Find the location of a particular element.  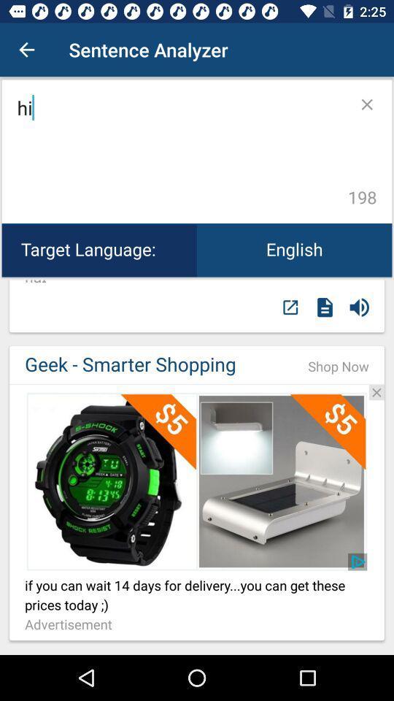

visit sponsor is located at coordinates (197, 383).